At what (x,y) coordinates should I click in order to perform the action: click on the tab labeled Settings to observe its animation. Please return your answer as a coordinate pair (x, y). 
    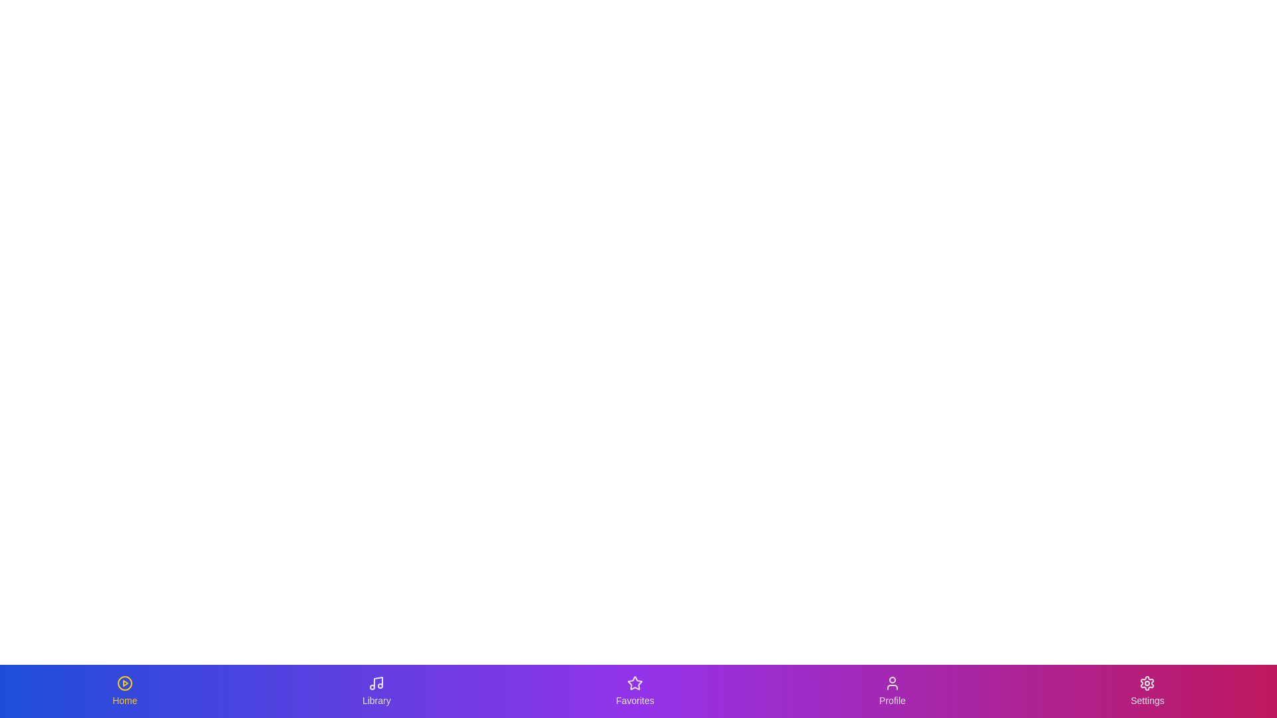
    Looking at the image, I should click on (1146, 691).